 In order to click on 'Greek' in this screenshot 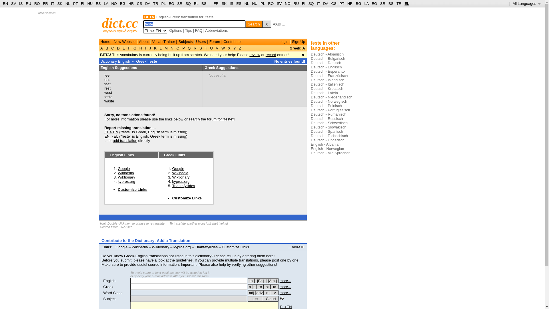, I will do `click(108, 287)`.